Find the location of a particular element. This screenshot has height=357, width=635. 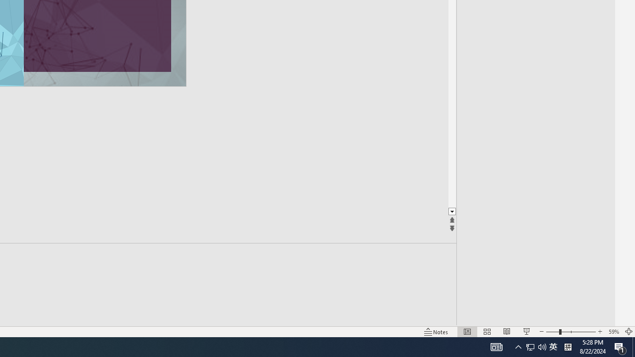

'Notes ' is located at coordinates (436, 332).